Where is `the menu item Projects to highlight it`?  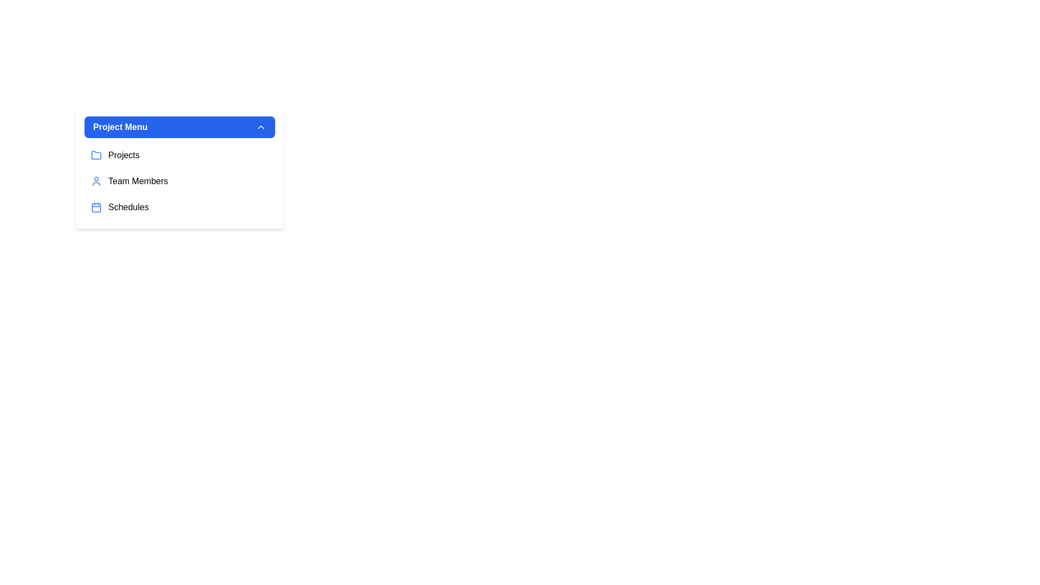 the menu item Projects to highlight it is located at coordinates (179, 155).